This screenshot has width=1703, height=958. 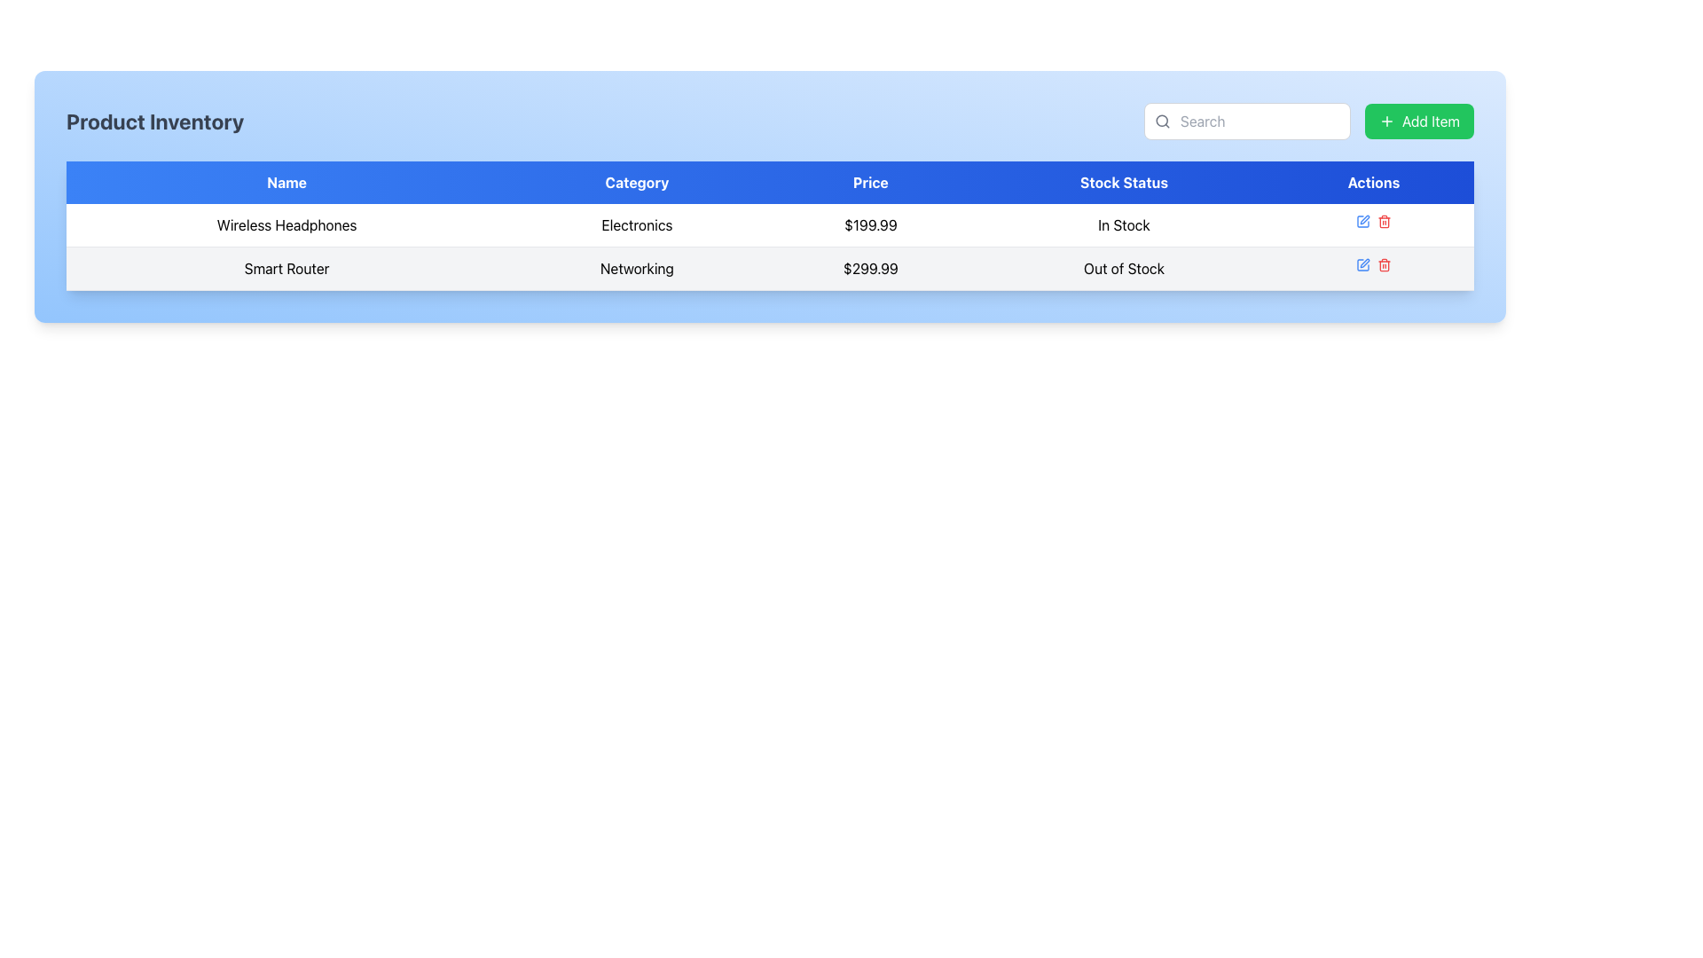 I want to click on the static label element that displays the text 'Price', which is styled in white on a blue background and is the third column header in the table, located between 'Category' and 'Stock Status', so click(x=870, y=182).